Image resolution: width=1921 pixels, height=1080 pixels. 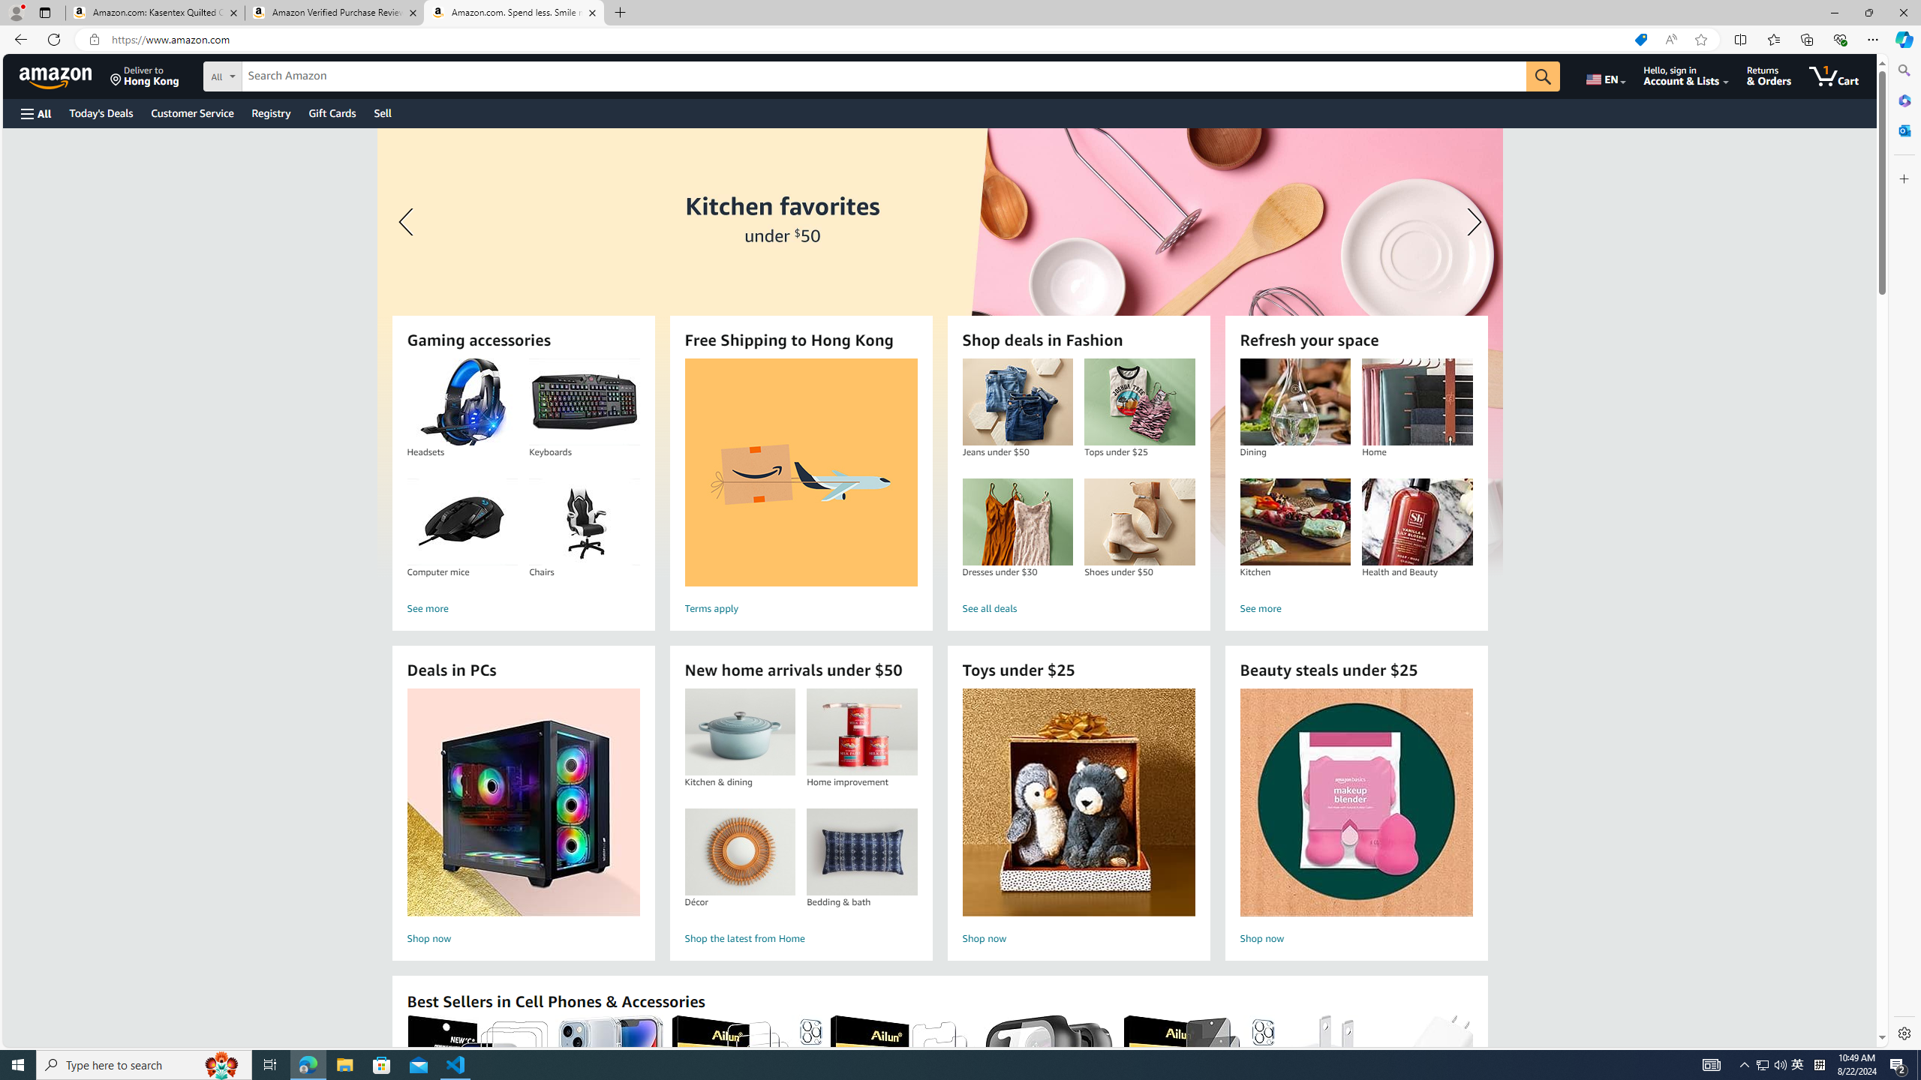 I want to click on 'Dining', so click(x=1294, y=402).